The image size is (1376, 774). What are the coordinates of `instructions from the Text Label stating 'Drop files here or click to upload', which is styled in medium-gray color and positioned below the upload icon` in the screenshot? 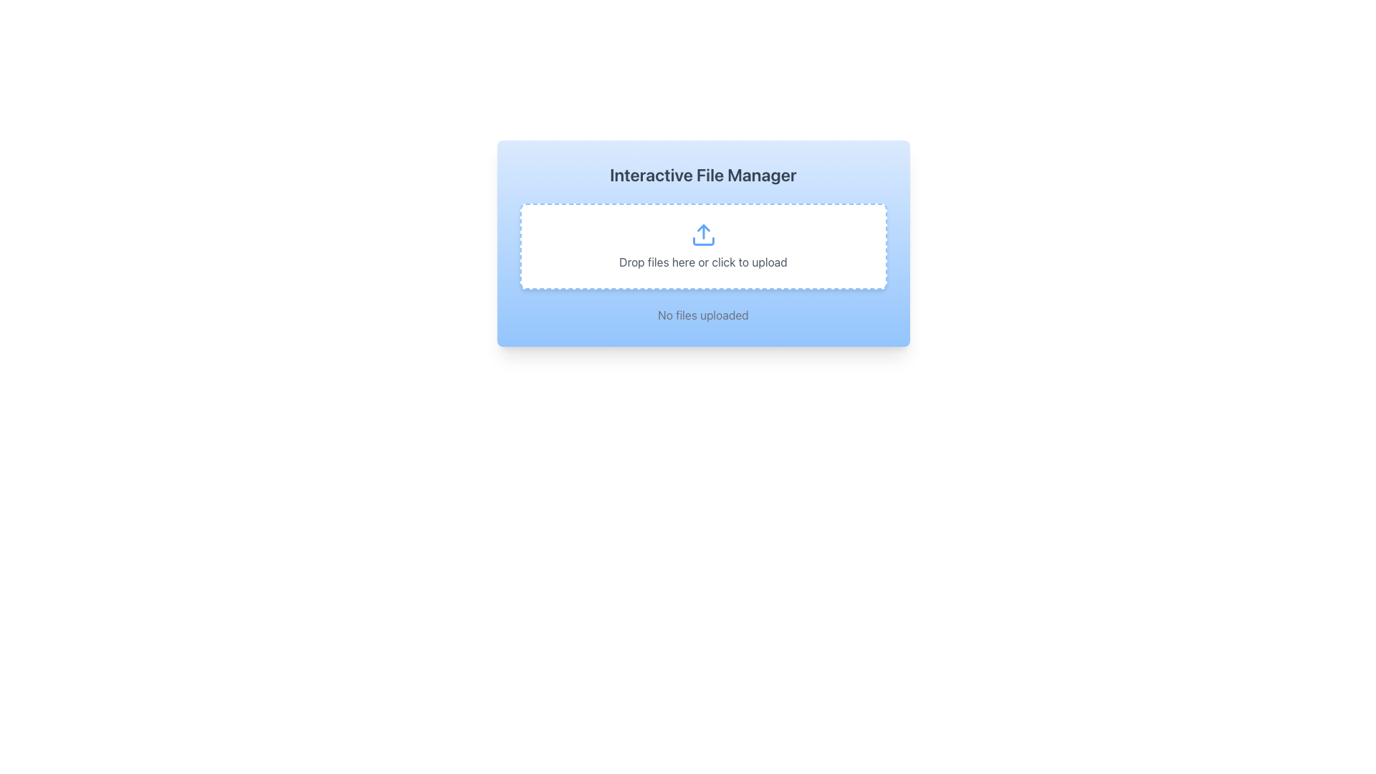 It's located at (703, 262).